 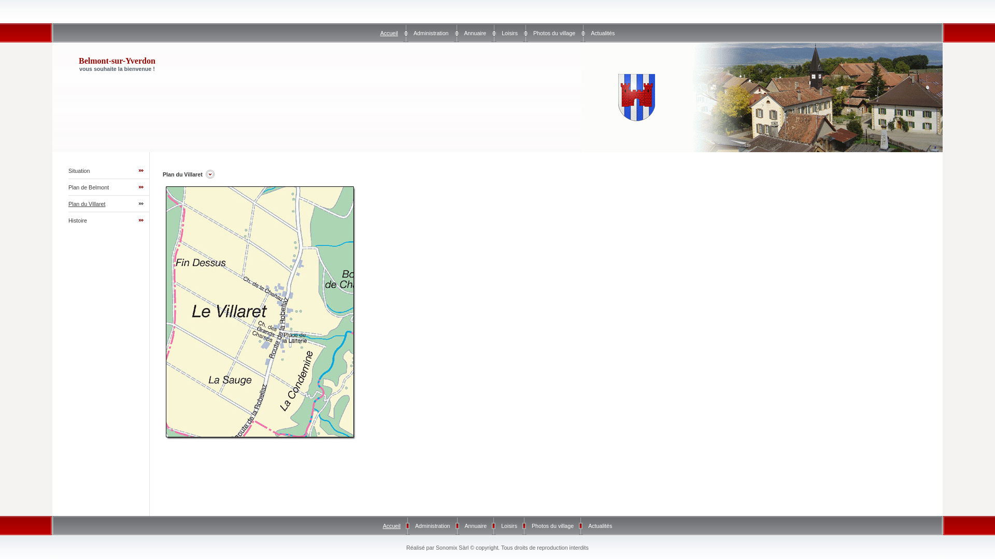 I want to click on 'Administration', so click(x=415, y=525).